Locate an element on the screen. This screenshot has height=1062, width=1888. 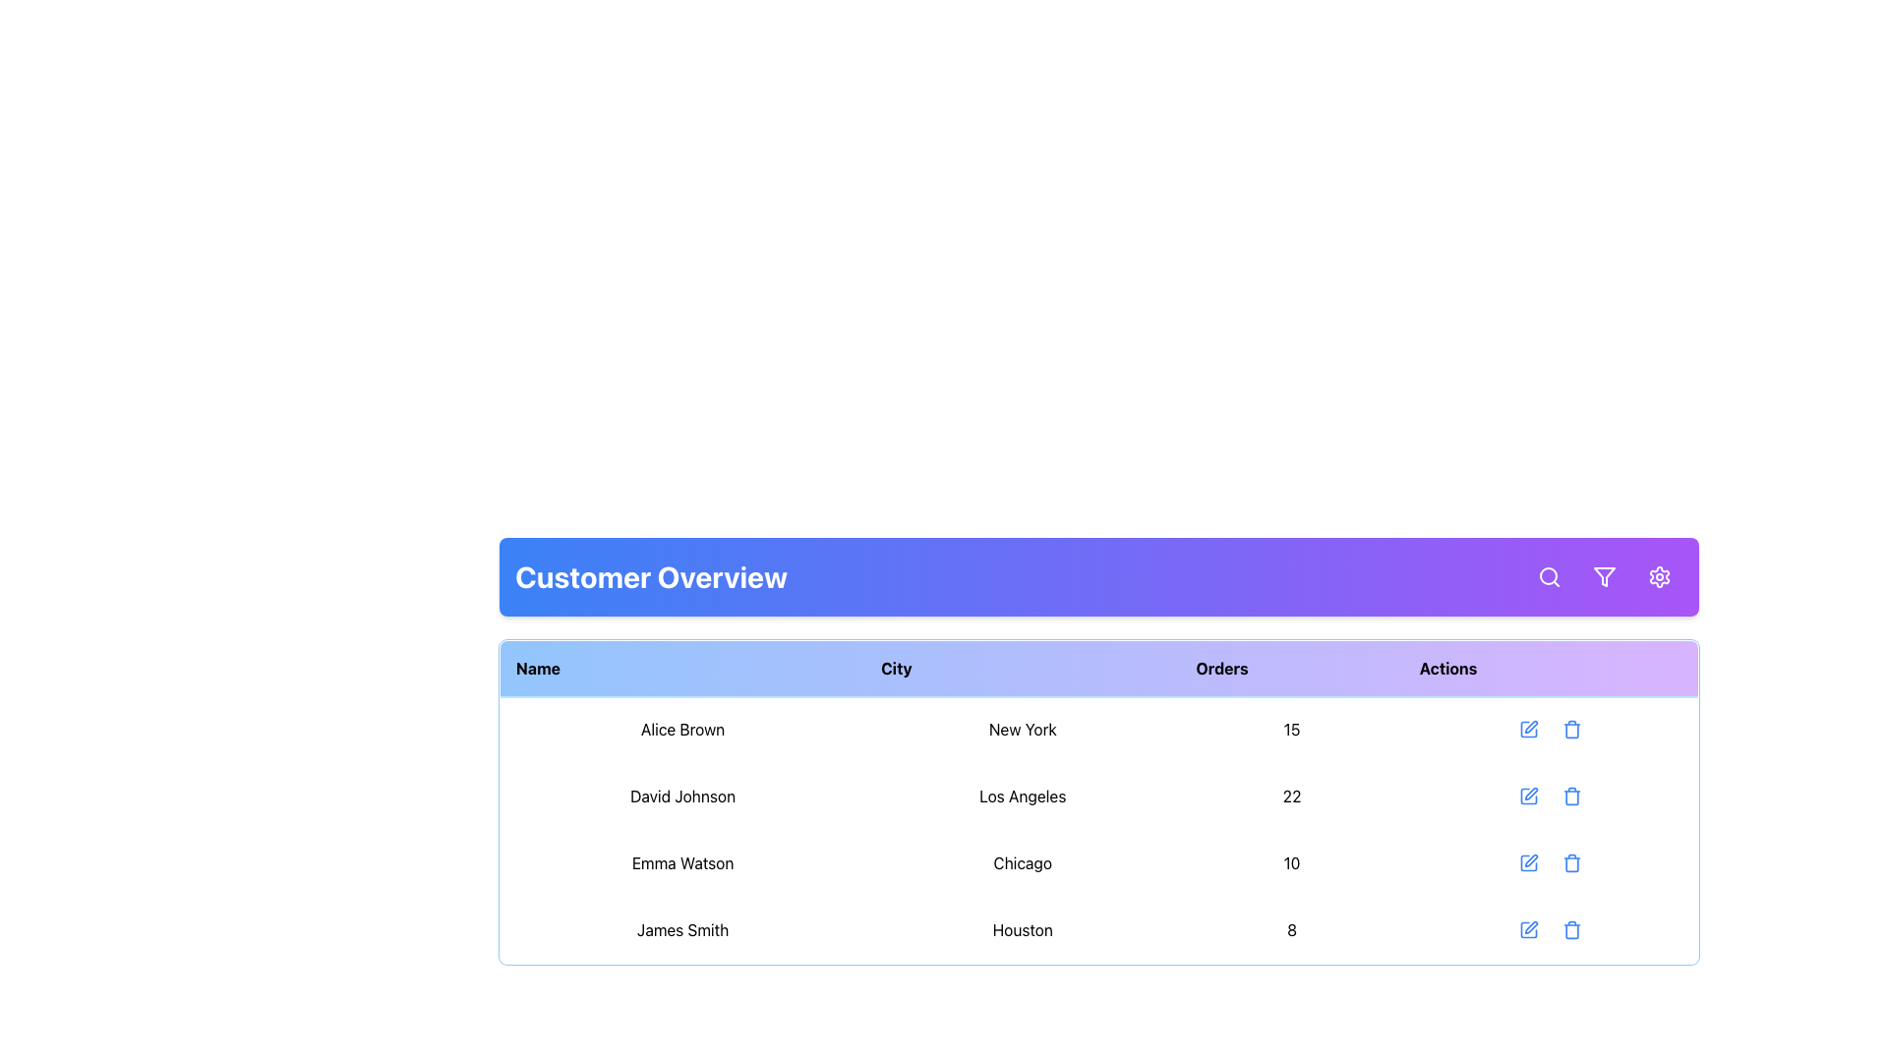
attributes of the square component of the 'Edit' icon associated with 'Emma Watson' in the third row of the 'Actions' column is located at coordinates (1528, 862).